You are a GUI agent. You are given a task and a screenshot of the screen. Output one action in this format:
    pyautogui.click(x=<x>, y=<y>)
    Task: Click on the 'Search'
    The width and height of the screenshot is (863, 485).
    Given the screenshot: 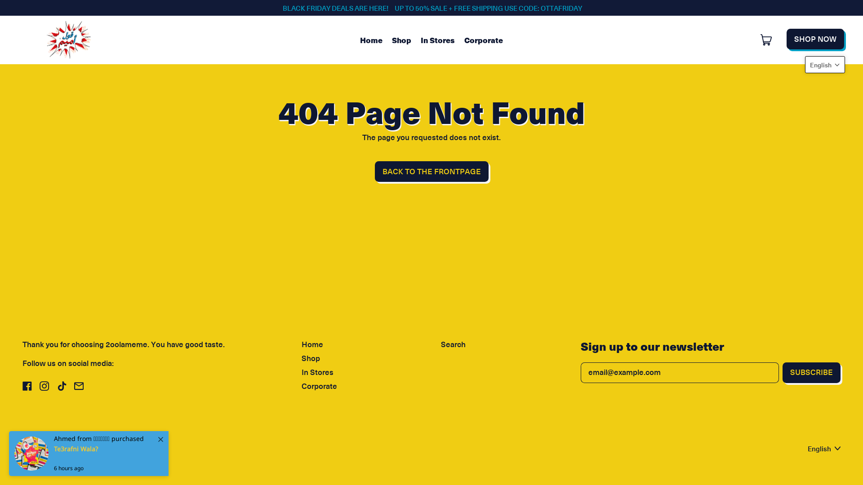 What is the action you would take?
    pyautogui.click(x=440, y=344)
    